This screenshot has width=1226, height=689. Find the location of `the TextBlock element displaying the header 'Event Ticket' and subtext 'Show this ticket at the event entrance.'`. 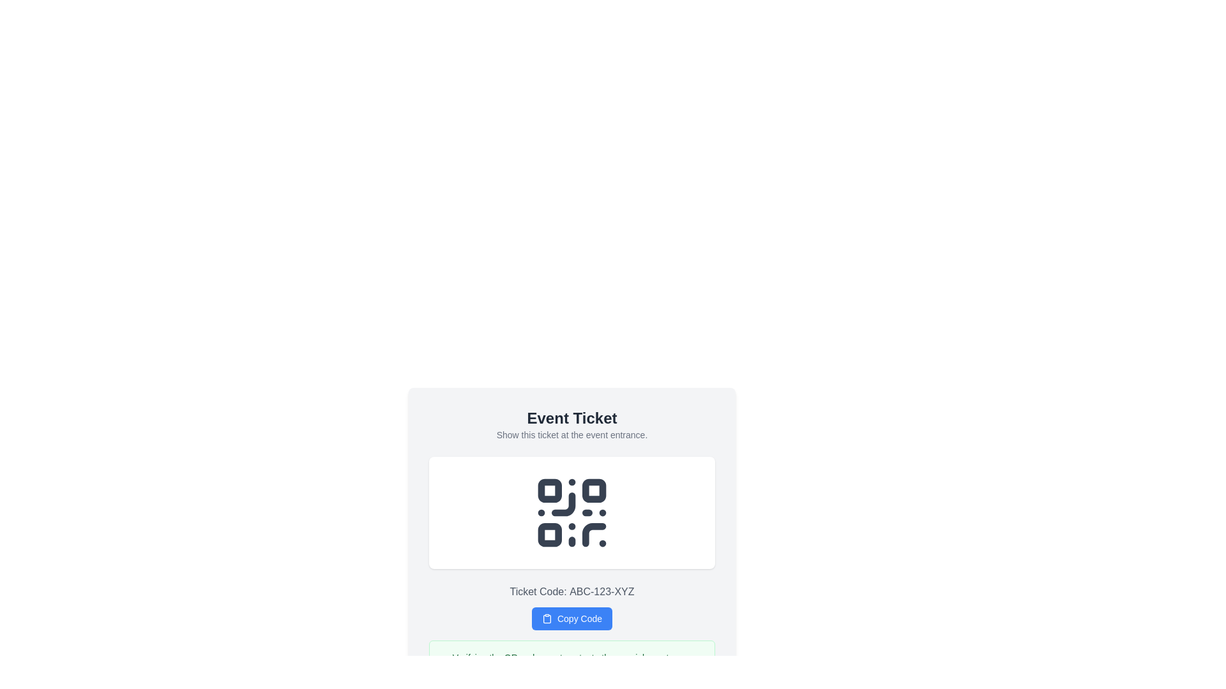

the TextBlock element displaying the header 'Event Ticket' and subtext 'Show this ticket at the event entrance.' is located at coordinates (571, 425).